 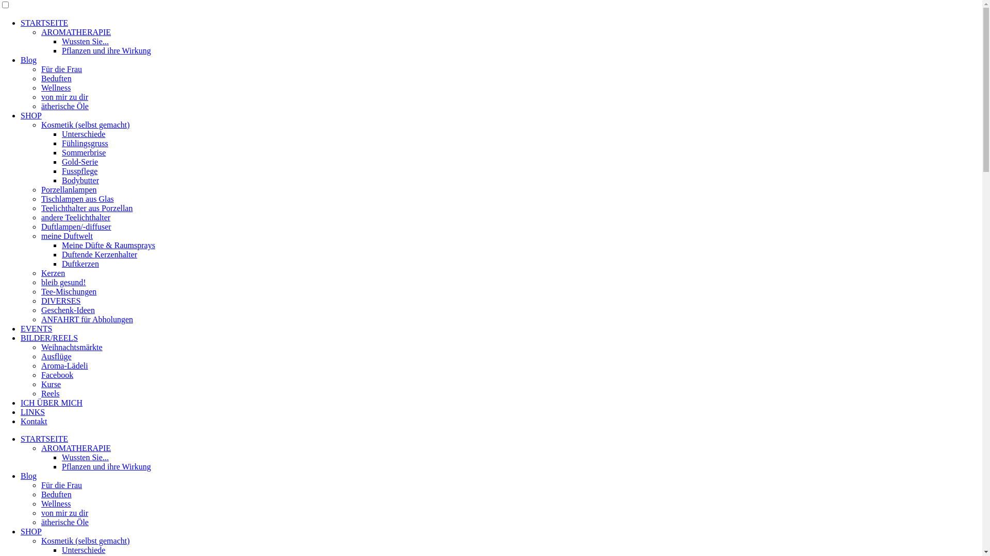 I want to click on 'AROMATHERAPIE', so click(x=75, y=31).